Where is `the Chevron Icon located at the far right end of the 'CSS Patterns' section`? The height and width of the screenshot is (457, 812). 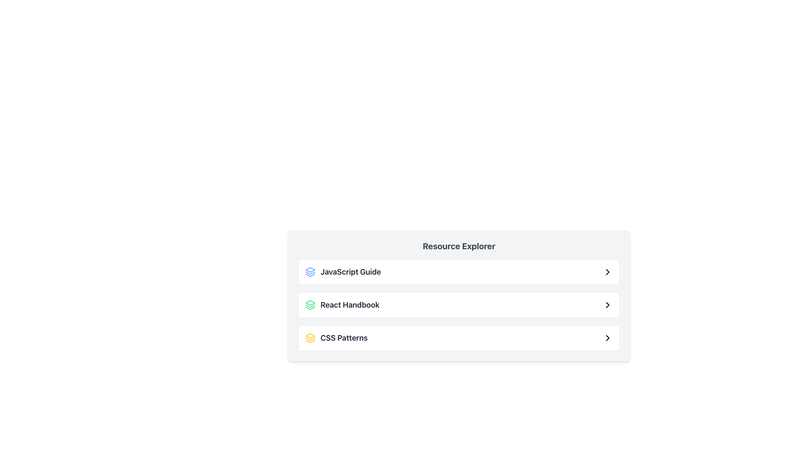 the Chevron Icon located at the far right end of the 'CSS Patterns' section is located at coordinates (607, 337).